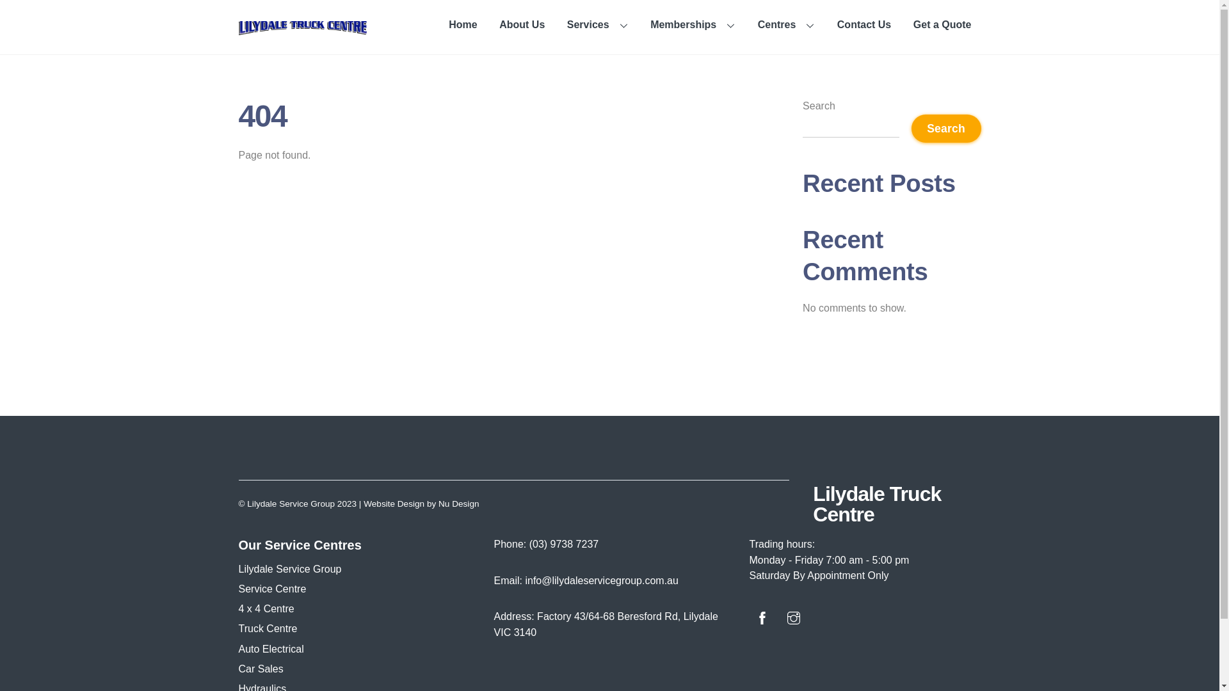 The height and width of the screenshot is (691, 1229). I want to click on 'About Us', so click(522, 24).